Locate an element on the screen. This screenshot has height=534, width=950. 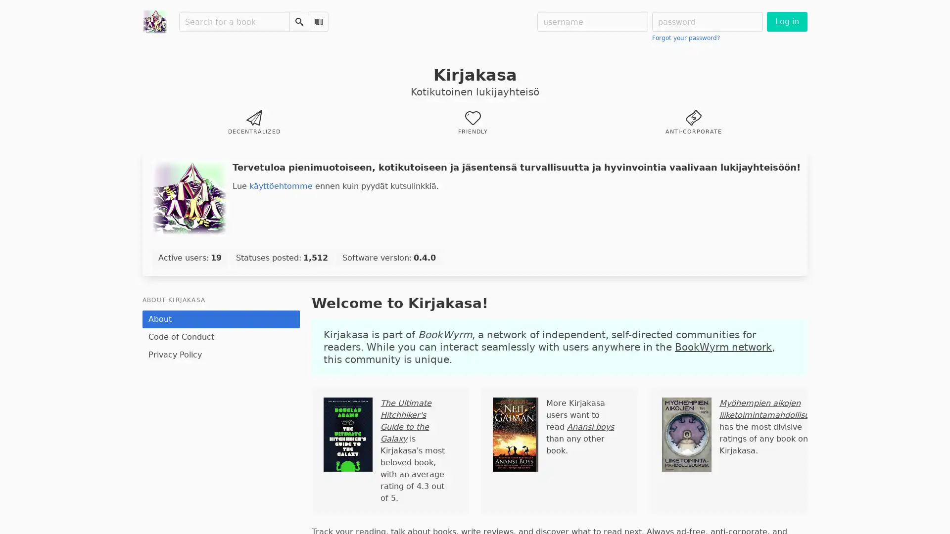
Search is located at coordinates (298, 21).